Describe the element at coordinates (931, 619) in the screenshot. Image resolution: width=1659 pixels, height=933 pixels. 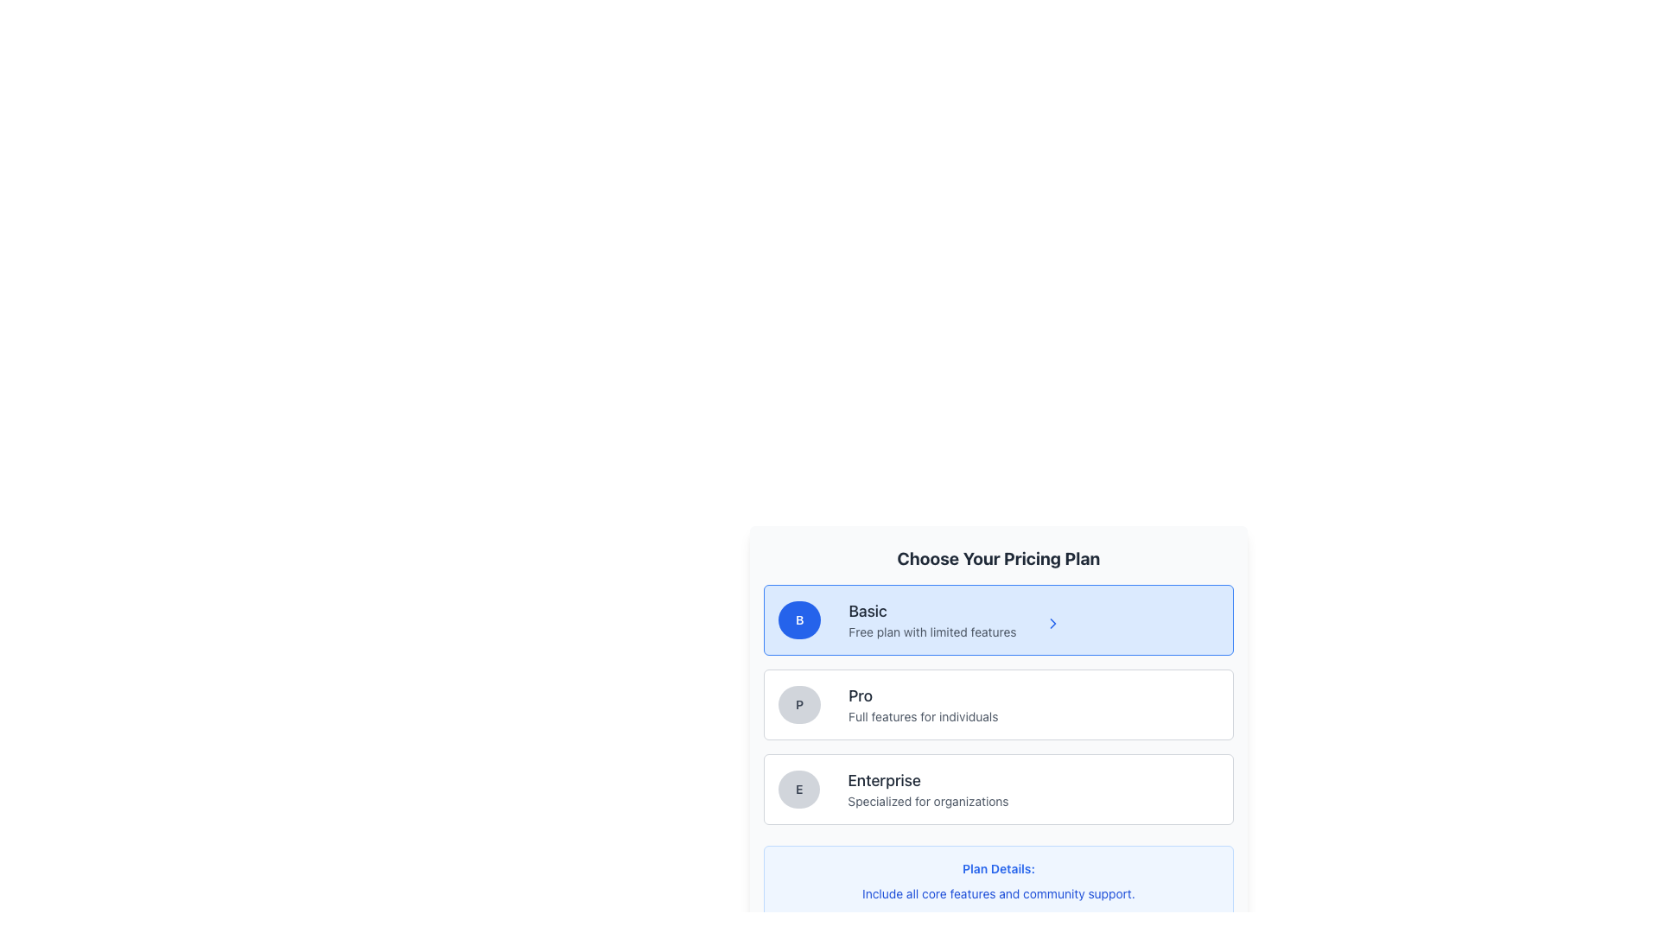
I see `the text block containing 'Basic' and 'Free plan with limited features', located under 'Choose Your Pricing Plan', to the right of the circular badge with a 'B'` at that location.